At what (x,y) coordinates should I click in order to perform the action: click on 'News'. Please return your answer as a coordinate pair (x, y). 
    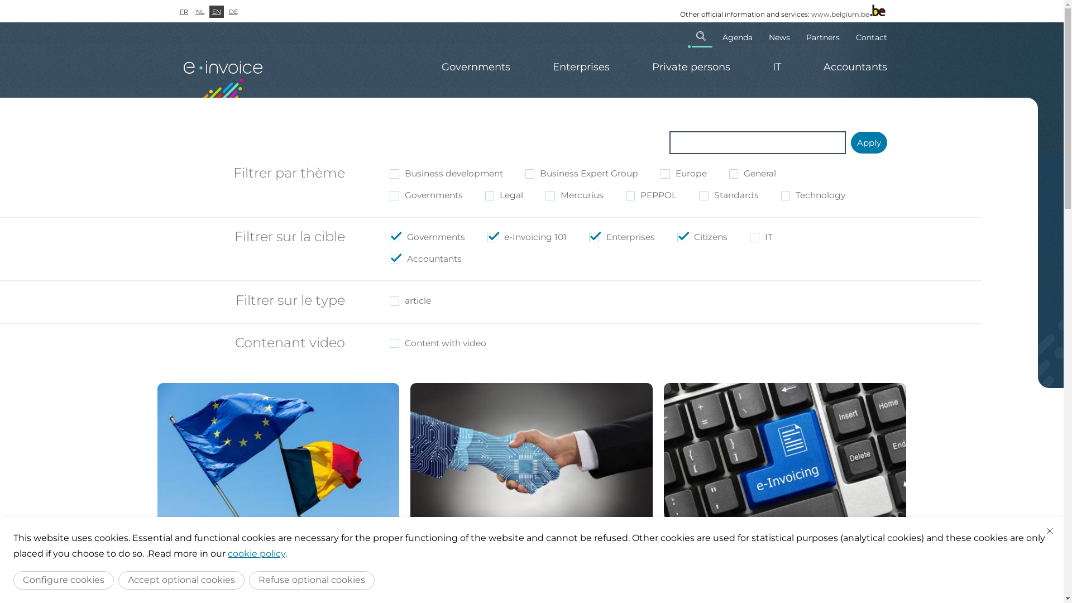
    Looking at the image, I should click on (778, 36).